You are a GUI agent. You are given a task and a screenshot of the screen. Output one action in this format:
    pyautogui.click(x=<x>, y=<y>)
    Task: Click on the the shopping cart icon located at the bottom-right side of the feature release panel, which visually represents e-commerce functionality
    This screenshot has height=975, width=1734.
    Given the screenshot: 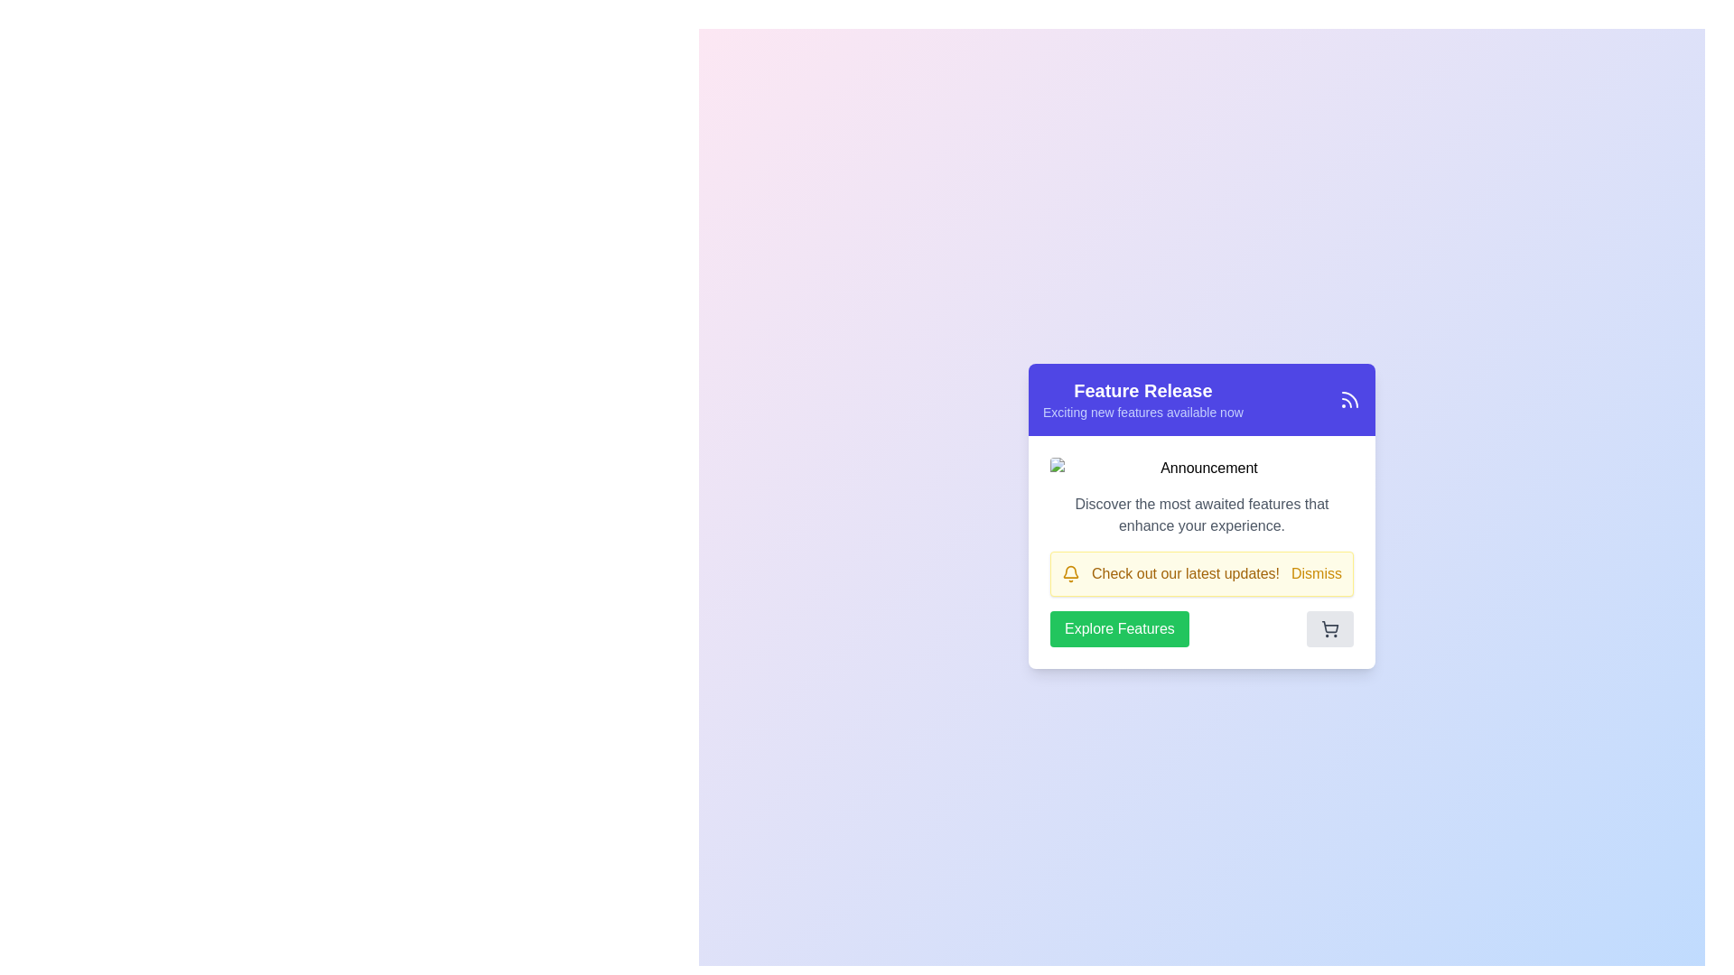 What is the action you would take?
    pyautogui.click(x=1330, y=626)
    